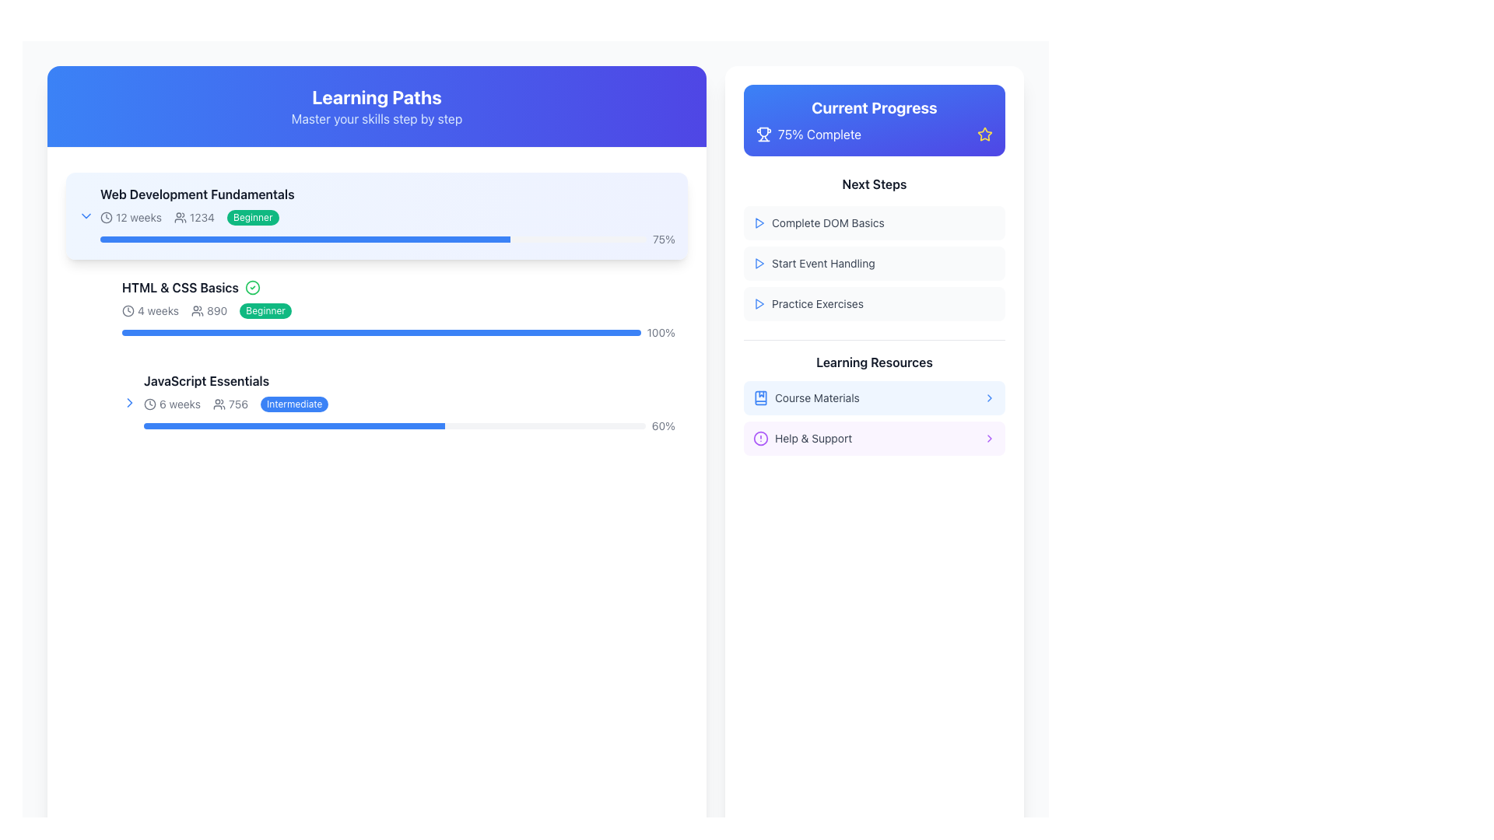  Describe the element at coordinates (381, 332) in the screenshot. I see `the progress percentage of the 'HTML & CSS Basics' course by interacting with the progress bar located below its title and statistics` at that location.